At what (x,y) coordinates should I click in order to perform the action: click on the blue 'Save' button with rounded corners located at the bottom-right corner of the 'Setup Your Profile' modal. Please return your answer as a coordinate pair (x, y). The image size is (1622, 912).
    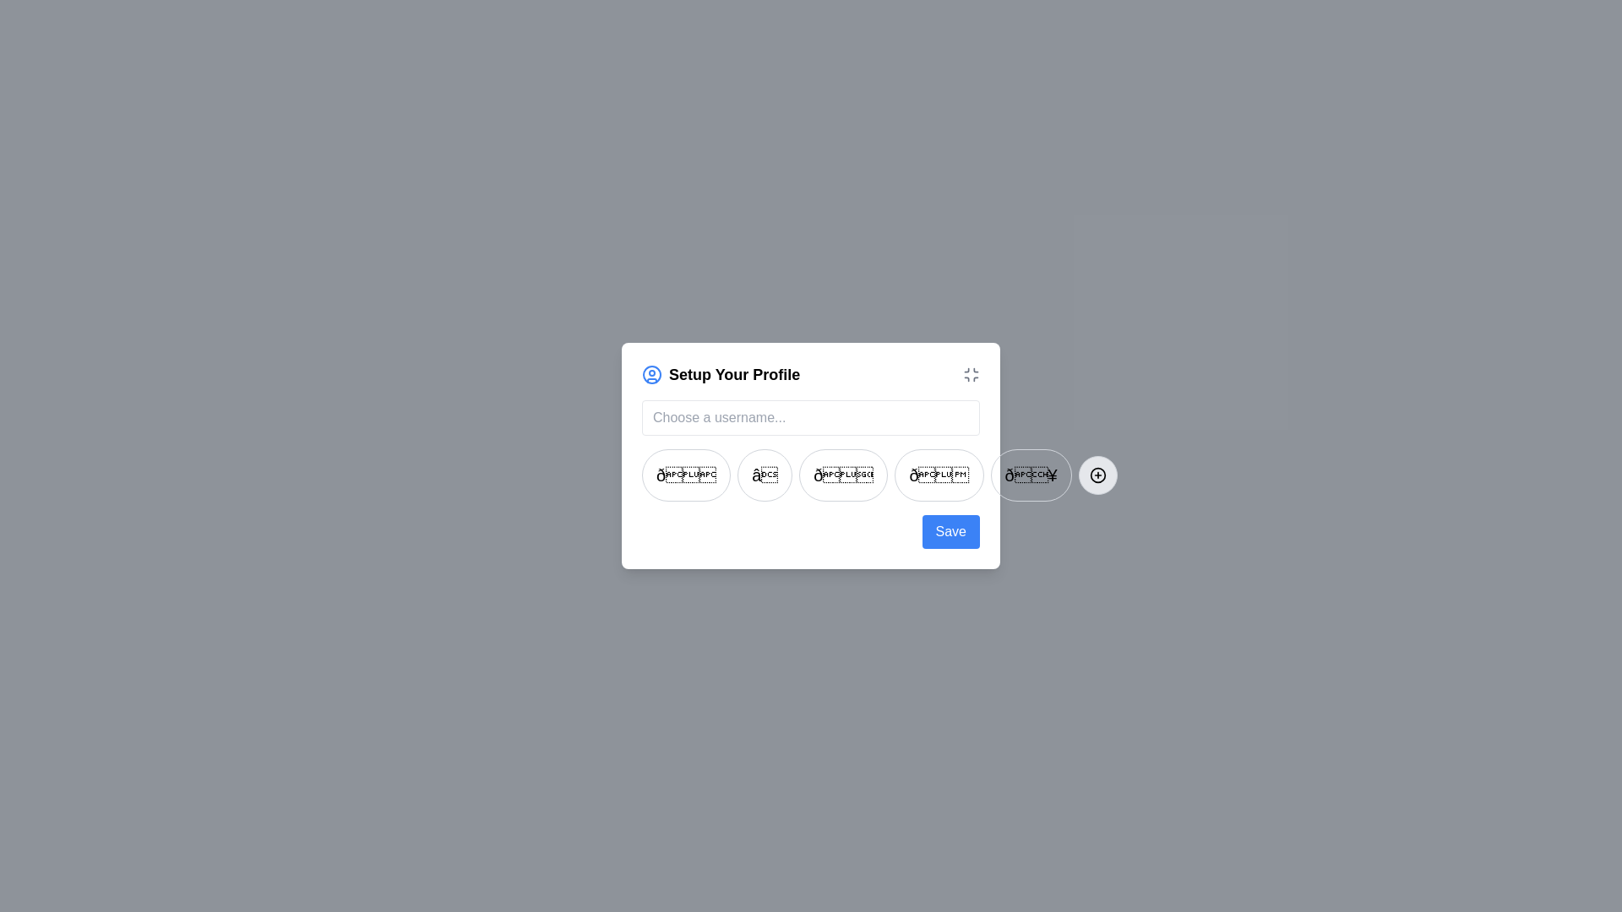
    Looking at the image, I should click on (950, 530).